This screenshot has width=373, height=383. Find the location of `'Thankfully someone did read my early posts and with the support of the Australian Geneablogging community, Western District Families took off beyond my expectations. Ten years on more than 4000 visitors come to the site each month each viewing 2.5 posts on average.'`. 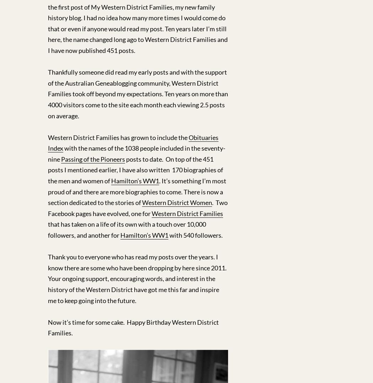

'Thankfully someone did read my early posts and with the support of the Australian Geneablogging community, Western District Families took off beyond my expectations. Ten years on more than 4000 visitors come to the site each month each viewing 2.5 posts on average.' is located at coordinates (138, 93).